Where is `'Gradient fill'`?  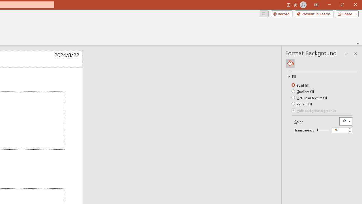 'Gradient fill' is located at coordinates (303, 91).